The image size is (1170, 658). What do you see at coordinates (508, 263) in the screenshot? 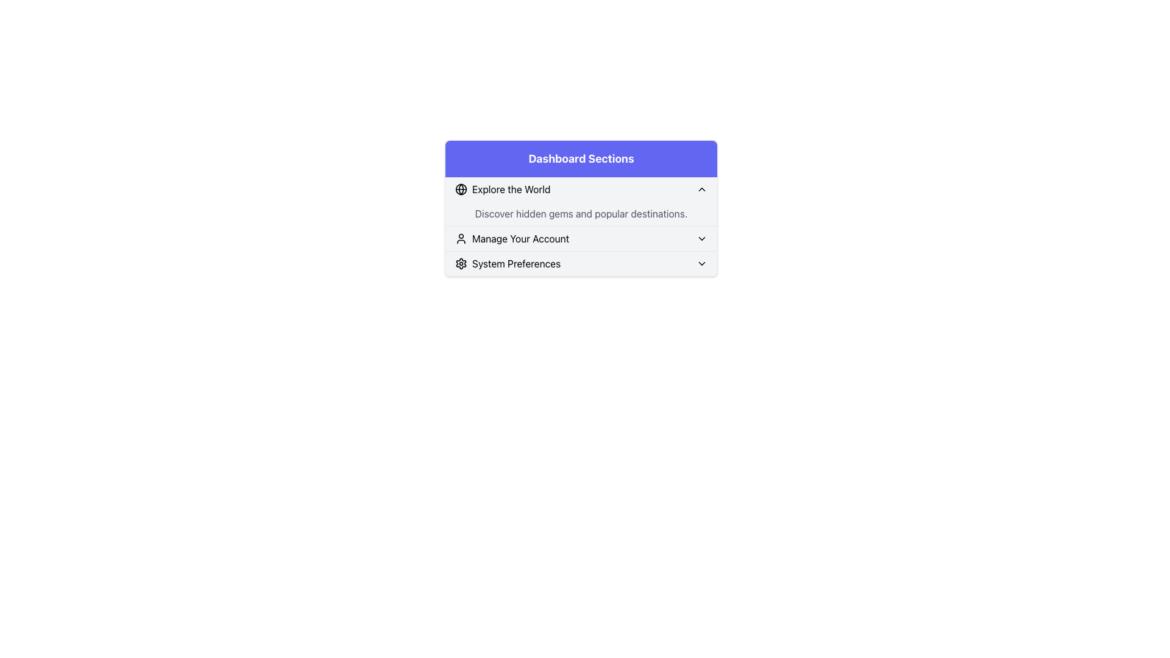
I see `the 'System Preferences' button, which features a gear icon and is the third option in the 'Dashboard Sections' list` at bounding box center [508, 263].